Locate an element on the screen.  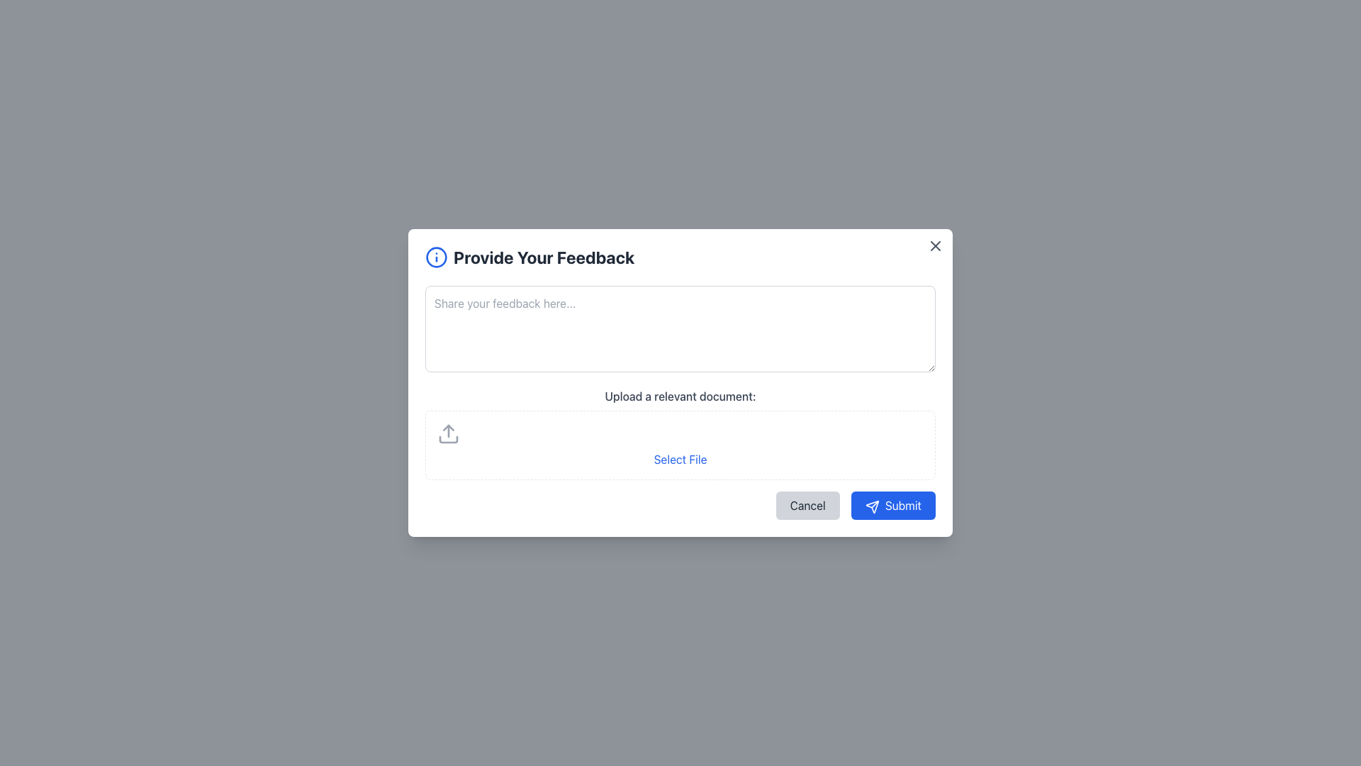
the 'Cancel' button located at the bottom-right corner of the 'Provide Your Feedback' modal is located at coordinates (807, 505).